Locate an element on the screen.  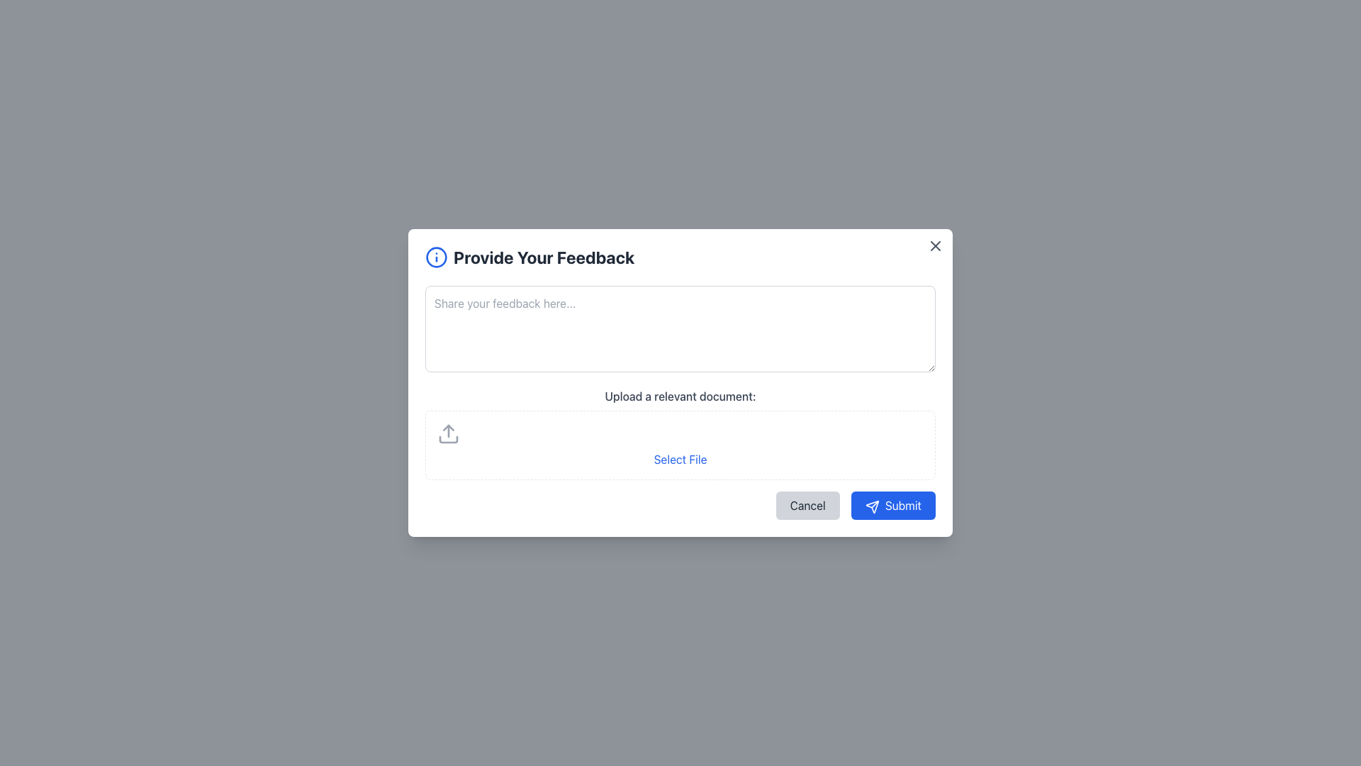
the 'Cancel' button located at the bottom-right corner of the 'Provide Your Feedback' modal is located at coordinates (807, 505).